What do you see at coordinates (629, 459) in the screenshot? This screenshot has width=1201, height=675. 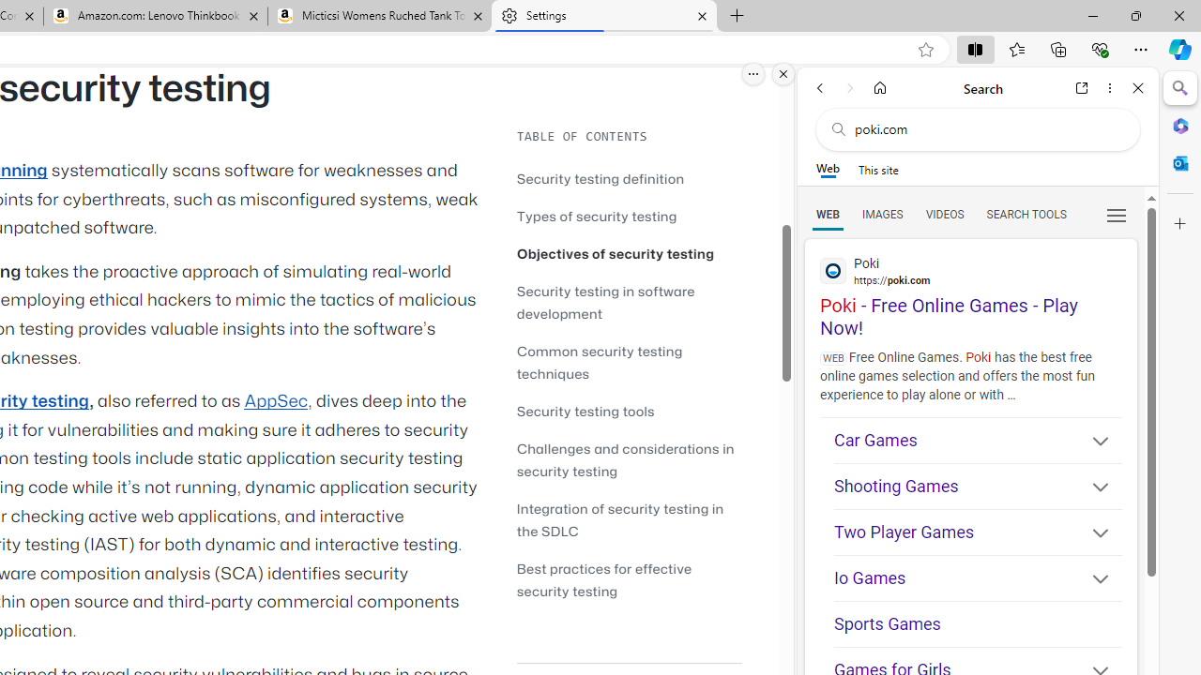 I see `'Challenges and considerations in security testing'` at bounding box center [629, 459].